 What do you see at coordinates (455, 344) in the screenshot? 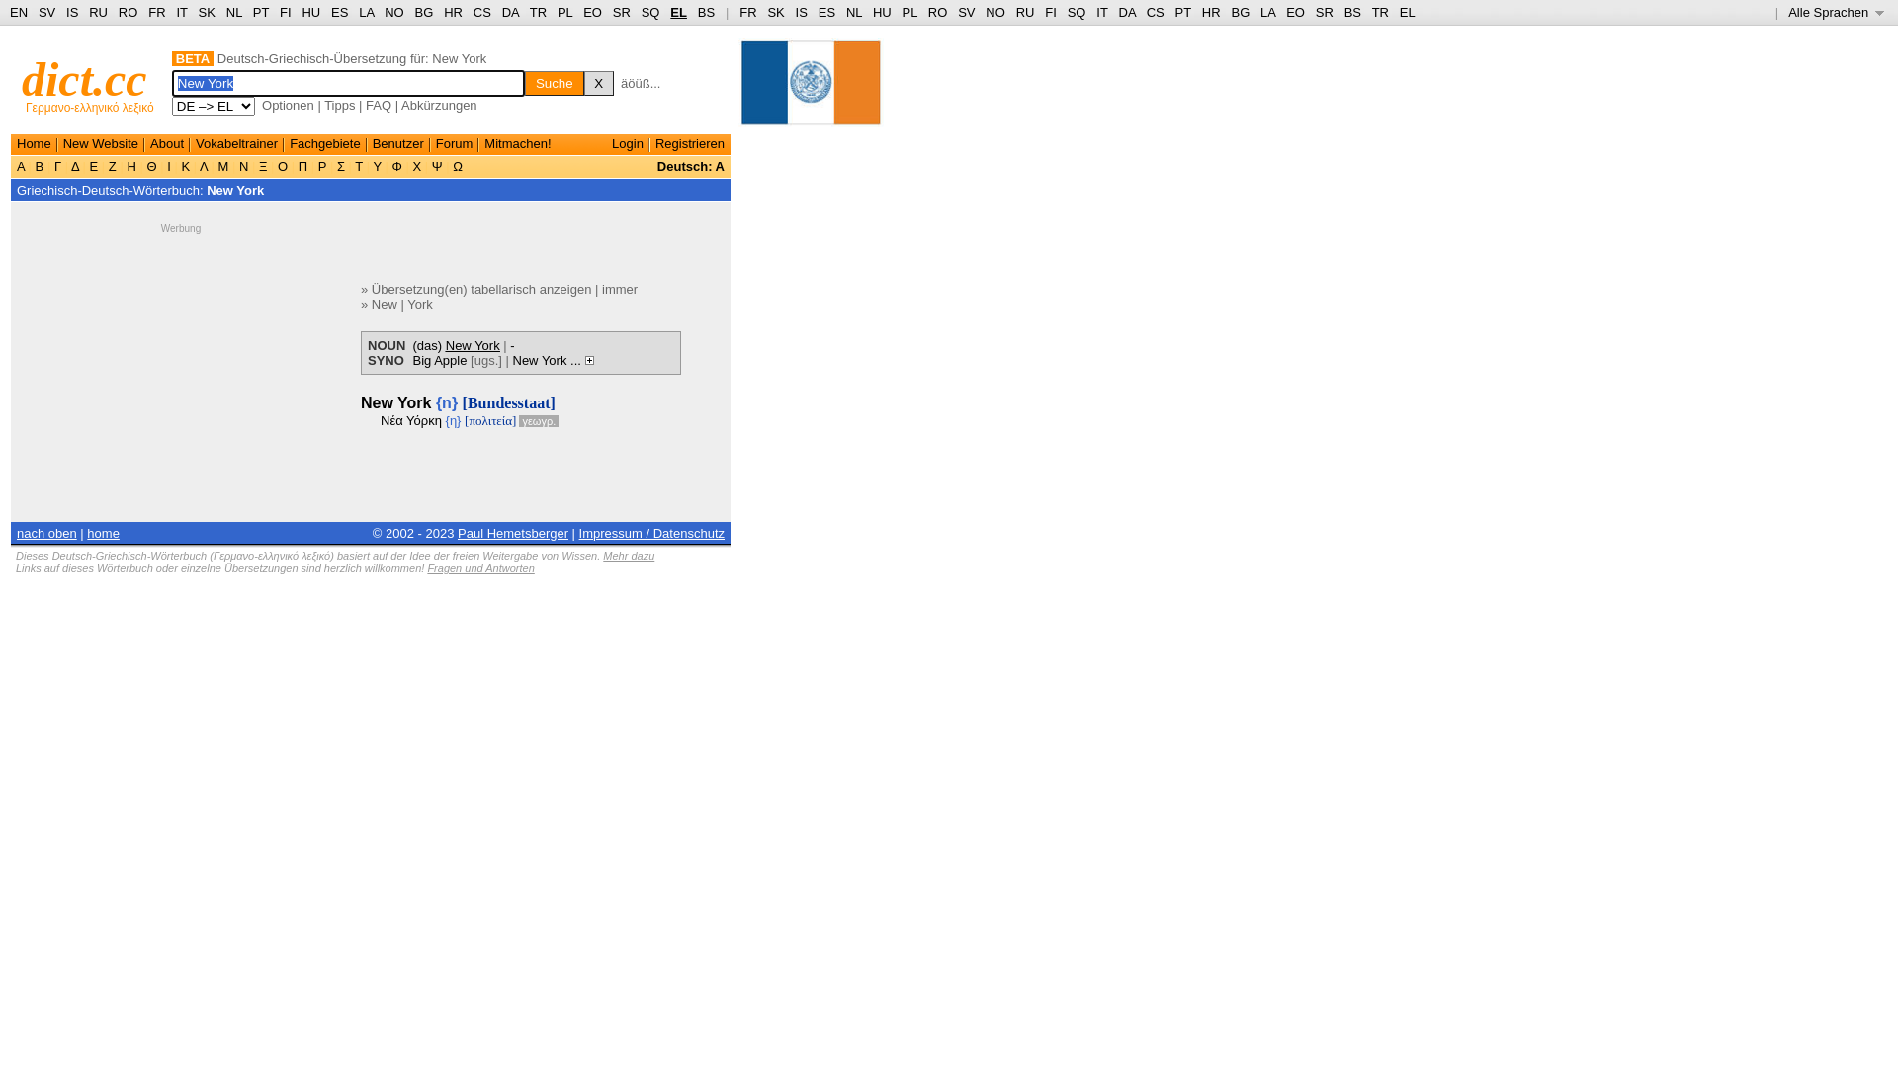
I see `'(das) New York'` at bounding box center [455, 344].